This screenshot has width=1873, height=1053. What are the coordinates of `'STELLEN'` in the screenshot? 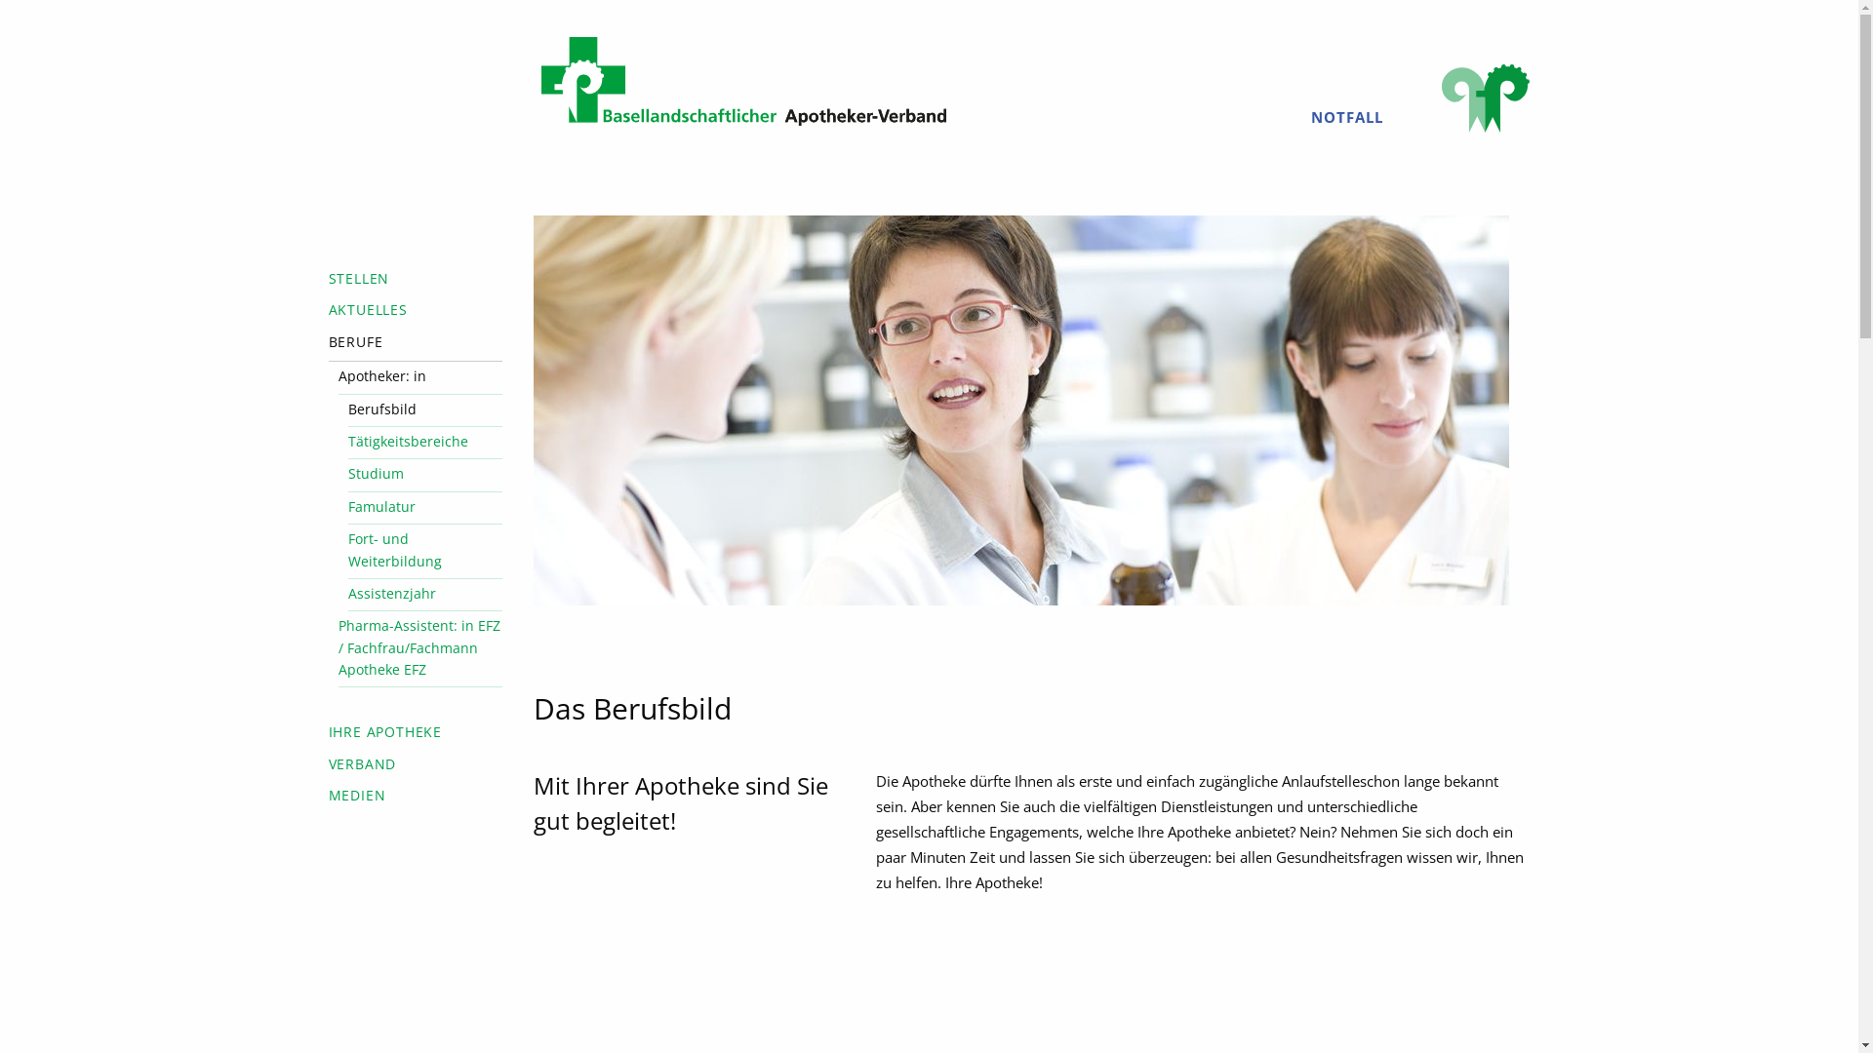 It's located at (328, 282).